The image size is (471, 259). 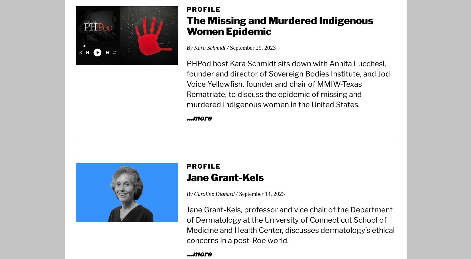 I want to click on 'PHPod host Kara Schmidt sits down with Annita Lucchesi, founder and director of Sovereign Bodies Institute, and Jodi Voice Yellowfish, founder and chair of MMIW-Texas Rematriate, to discuss the epidemic of missing and murdered Indigenous women in the United States.', so click(x=289, y=84).